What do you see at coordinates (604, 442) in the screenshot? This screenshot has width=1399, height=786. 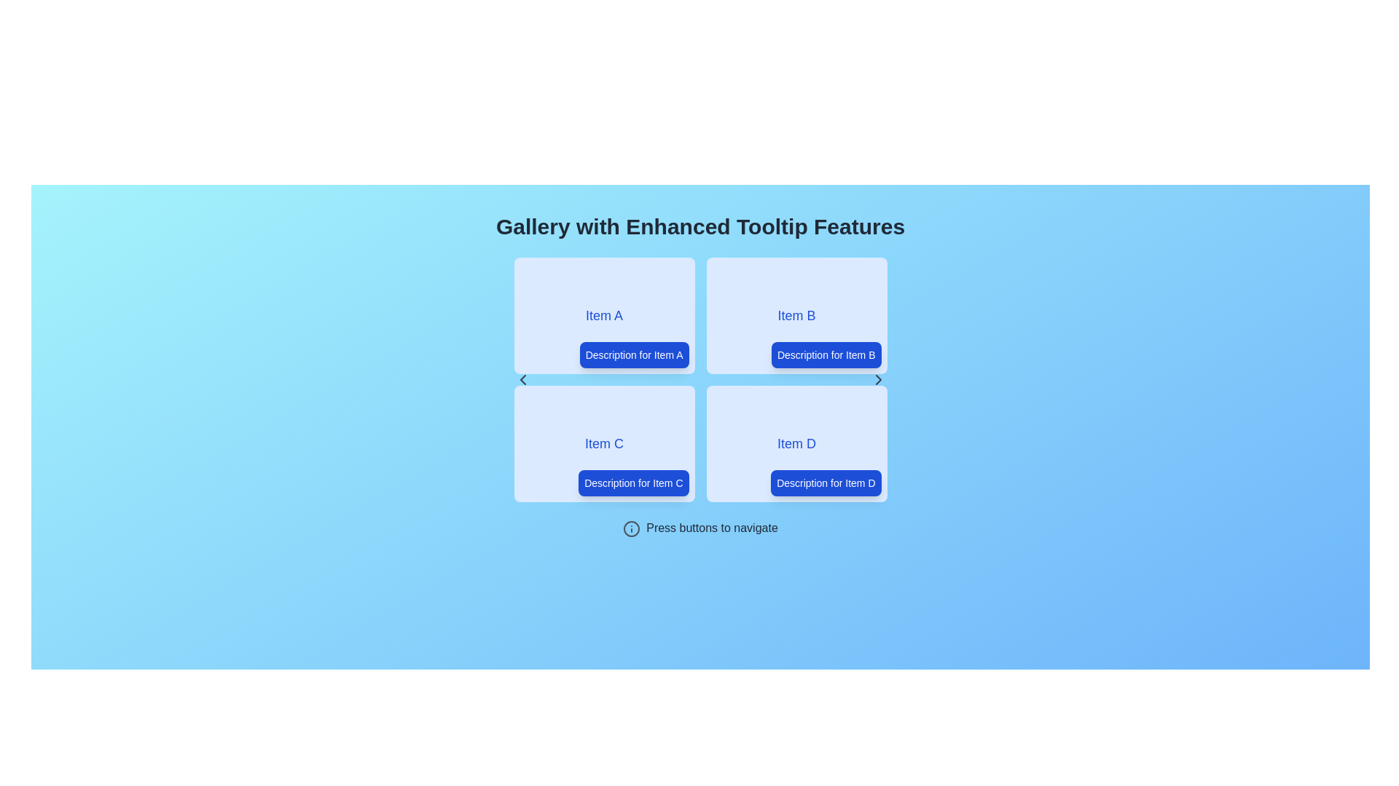 I see `text in the information card displaying 'Item C' and its description 'Description for Item C', located as the third card in a grid layout, below 'Item A' and to the left of 'Item D'` at bounding box center [604, 442].